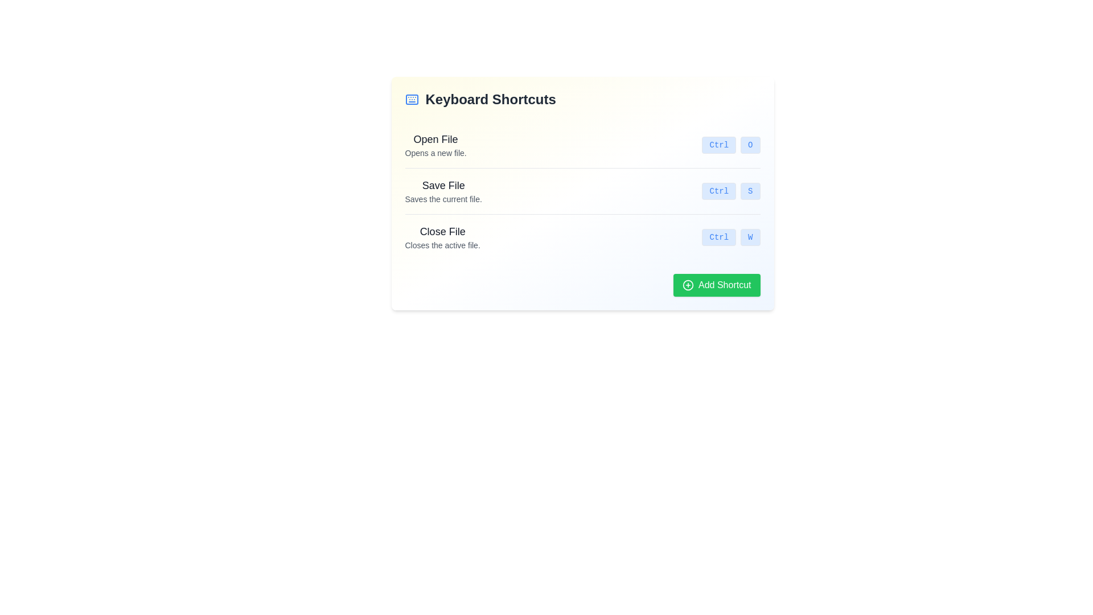 The image size is (1093, 615). Describe the element at coordinates (582, 236) in the screenshot. I see `the associated keys for the 'Close File' keyboard shortcut, which is the third item in the vertical list under the 'Keyboard Shortcuts' heading` at that location.